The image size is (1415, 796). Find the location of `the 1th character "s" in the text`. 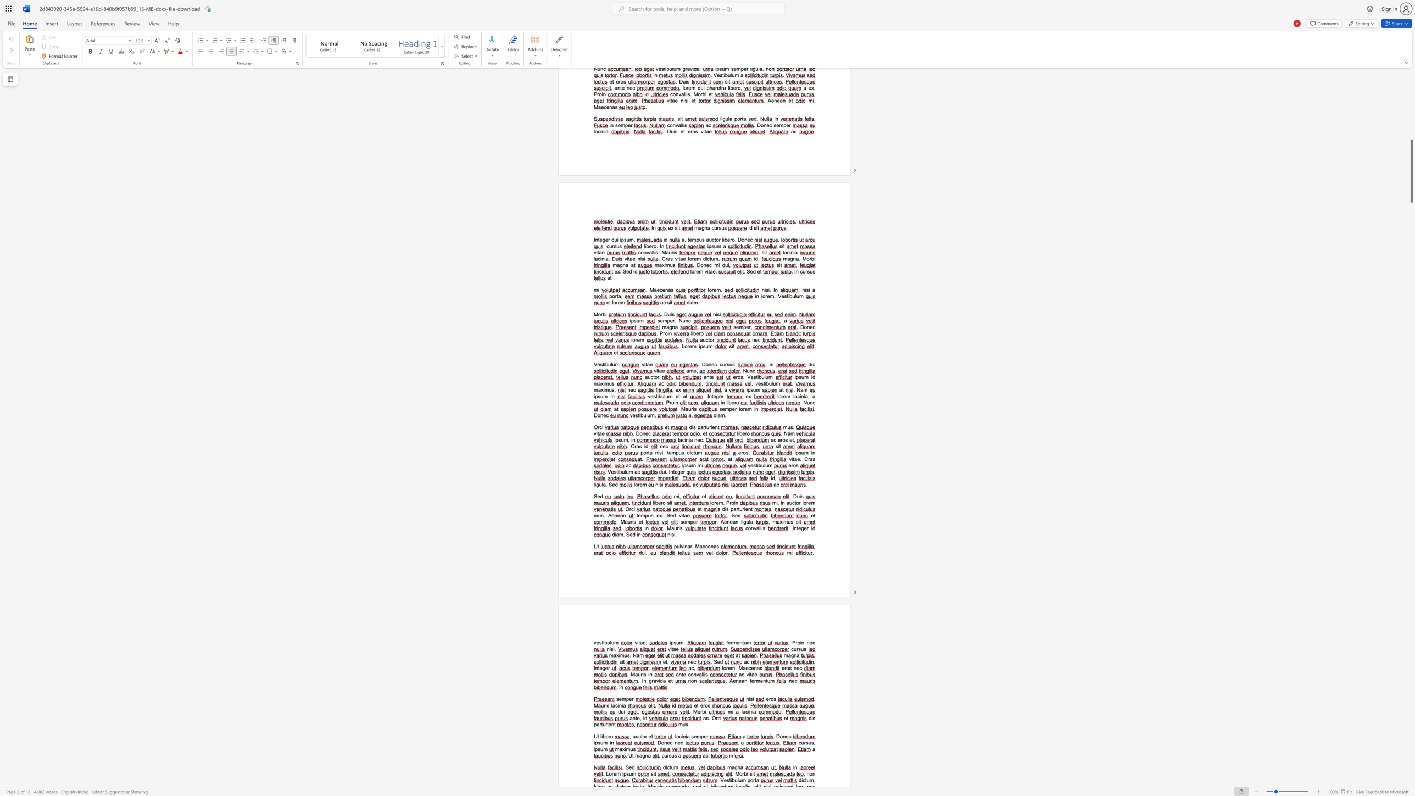

the 1th character "s" in the text is located at coordinates (687, 465).